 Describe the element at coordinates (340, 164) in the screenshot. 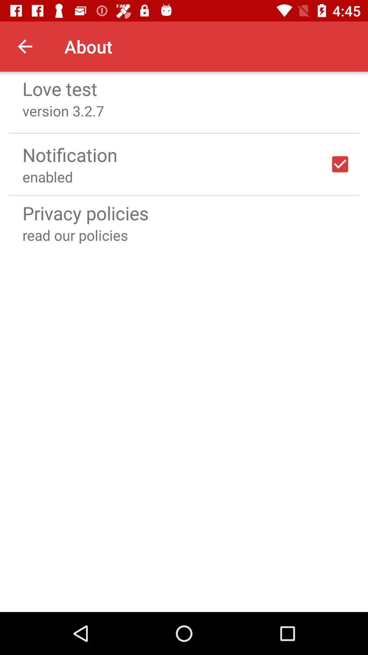

I see `enable notifications` at that location.